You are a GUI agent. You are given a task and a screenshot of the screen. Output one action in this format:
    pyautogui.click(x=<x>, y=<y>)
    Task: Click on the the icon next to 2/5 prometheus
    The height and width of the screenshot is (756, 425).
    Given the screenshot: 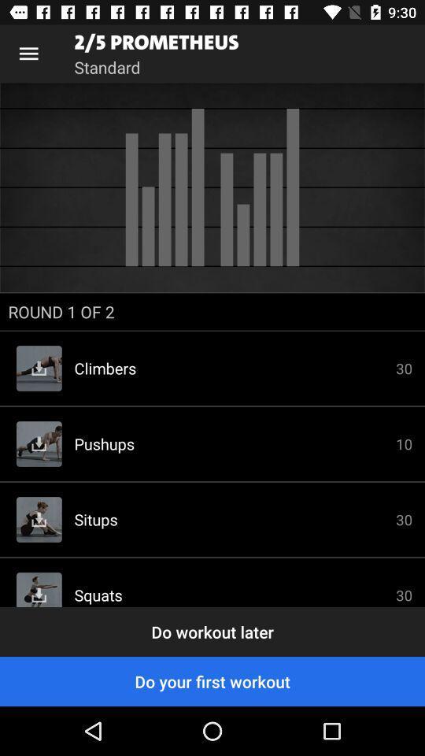 What is the action you would take?
    pyautogui.click(x=28, y=54)
    